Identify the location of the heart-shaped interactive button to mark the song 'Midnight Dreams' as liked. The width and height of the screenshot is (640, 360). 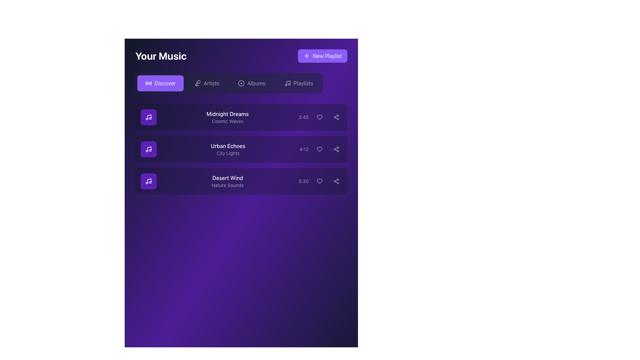
(320, 117).